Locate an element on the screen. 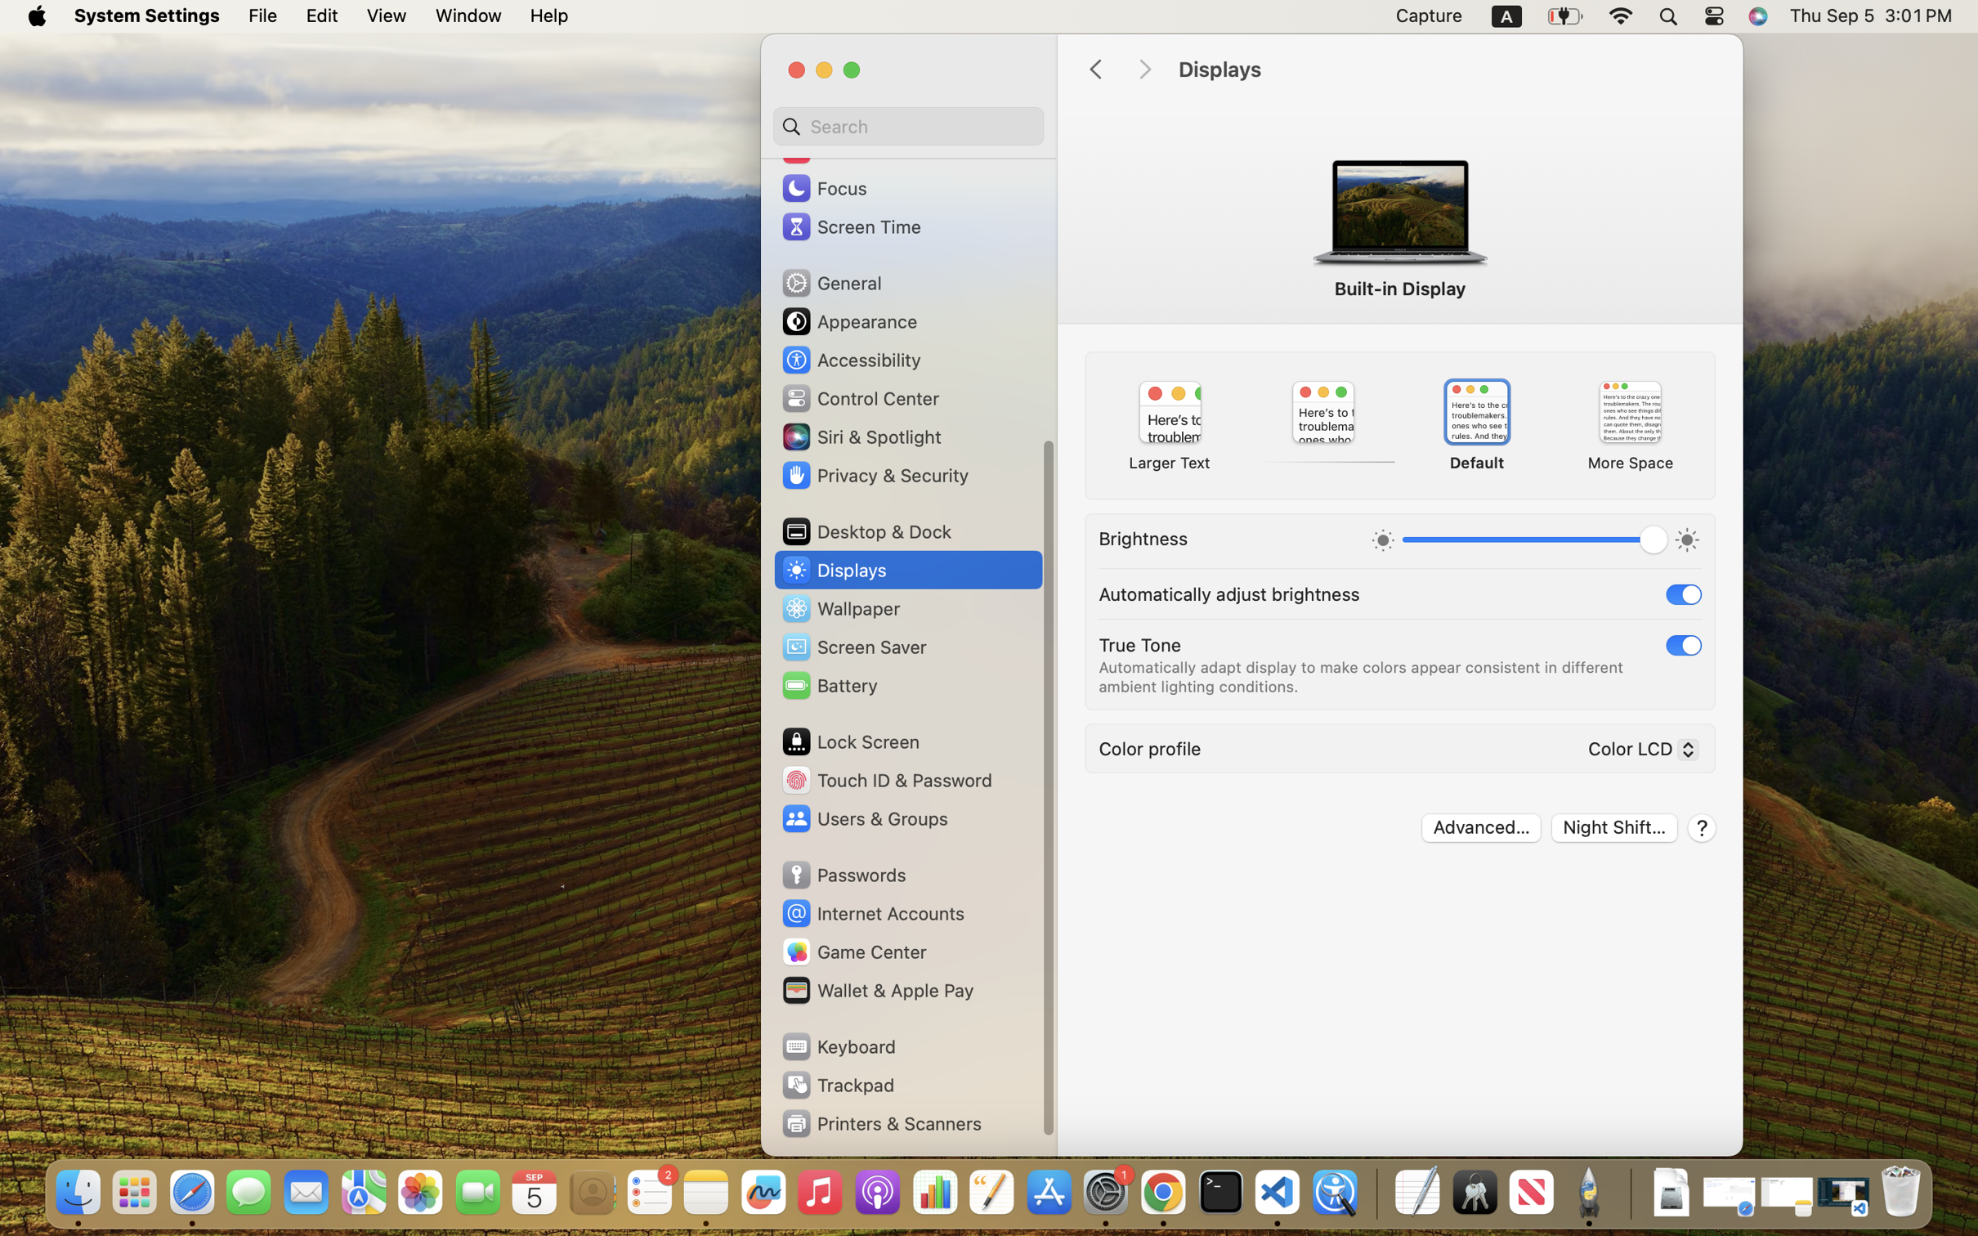  'Desktop & Dock' is located at coordinates (866, 531).